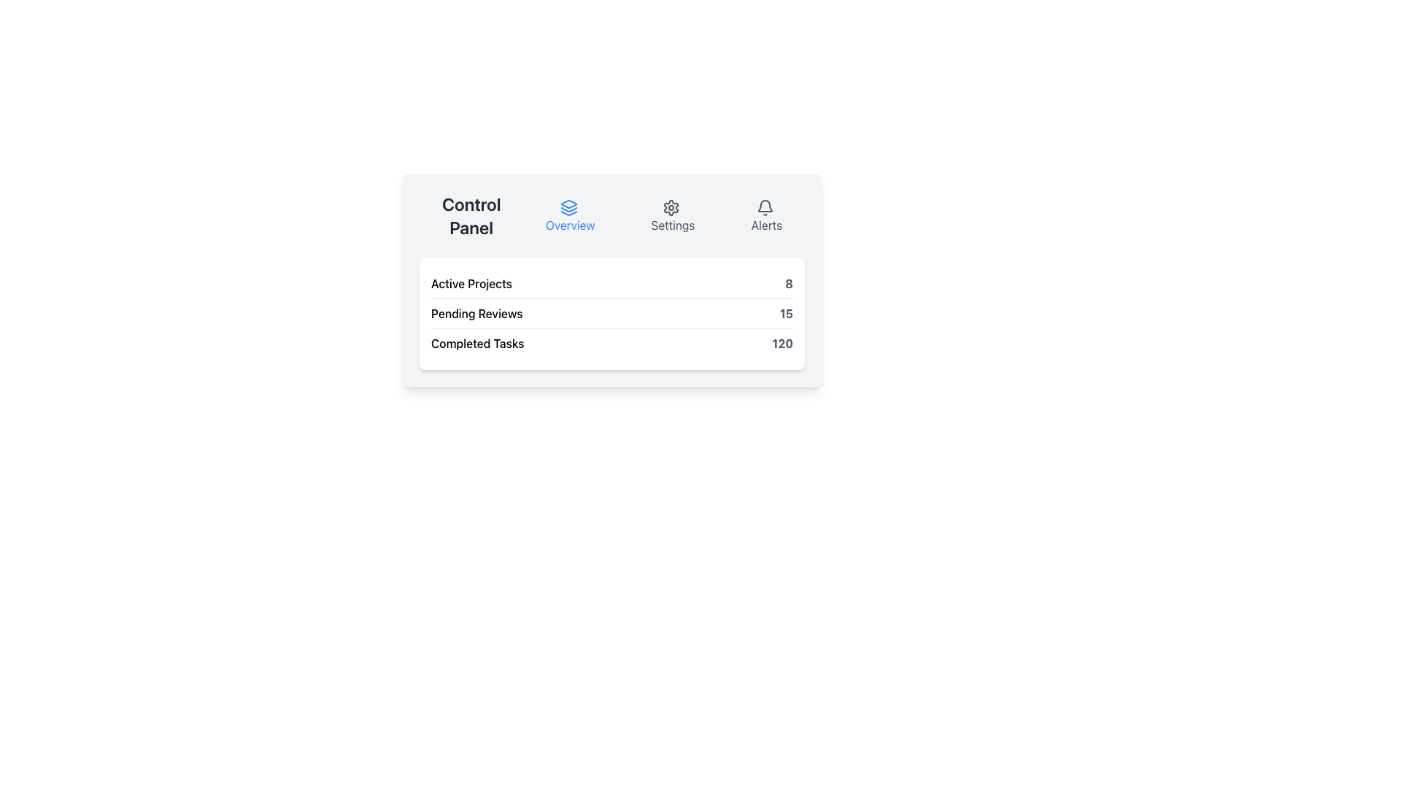 The width and height of the screenshot is (1401, 788). I want to click on the rightmost navigation button in the horizontal navigation bar, so click(766, 215).